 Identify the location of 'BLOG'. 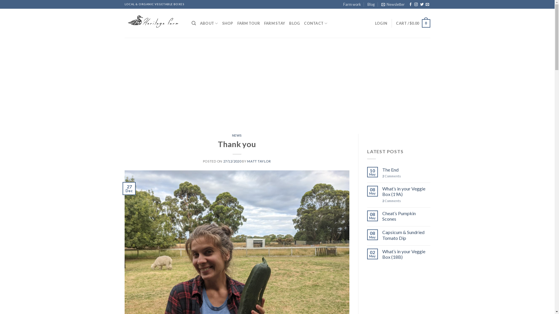
(294, 23).